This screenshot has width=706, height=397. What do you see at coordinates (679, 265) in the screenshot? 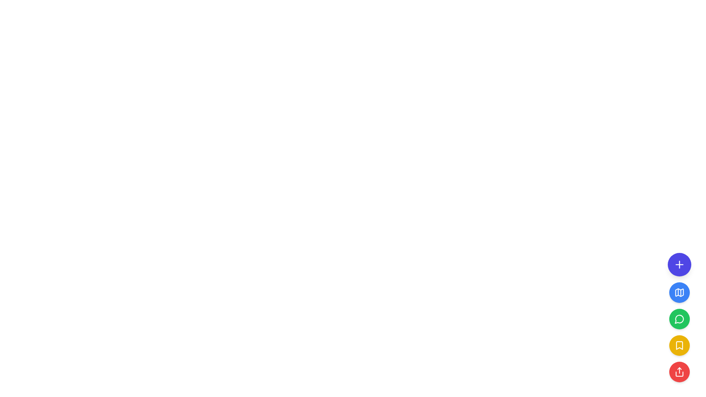
I see `and drop the top-most purple button in the vertically aligned group of buttons located at the bottom-right side of the application interface` at bounding box center [679, 265].